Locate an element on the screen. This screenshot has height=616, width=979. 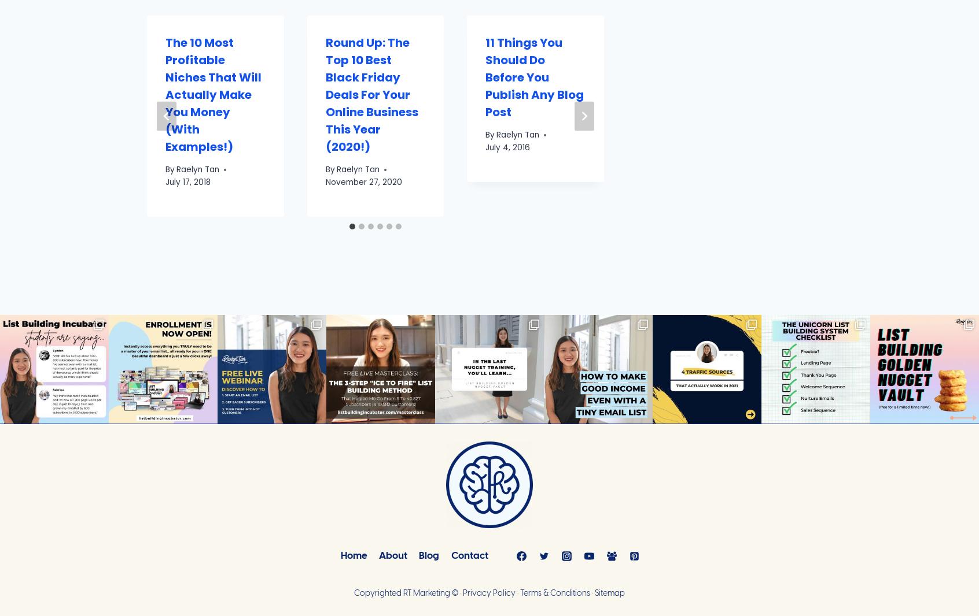
'About' is located at coordinates (393, 555).